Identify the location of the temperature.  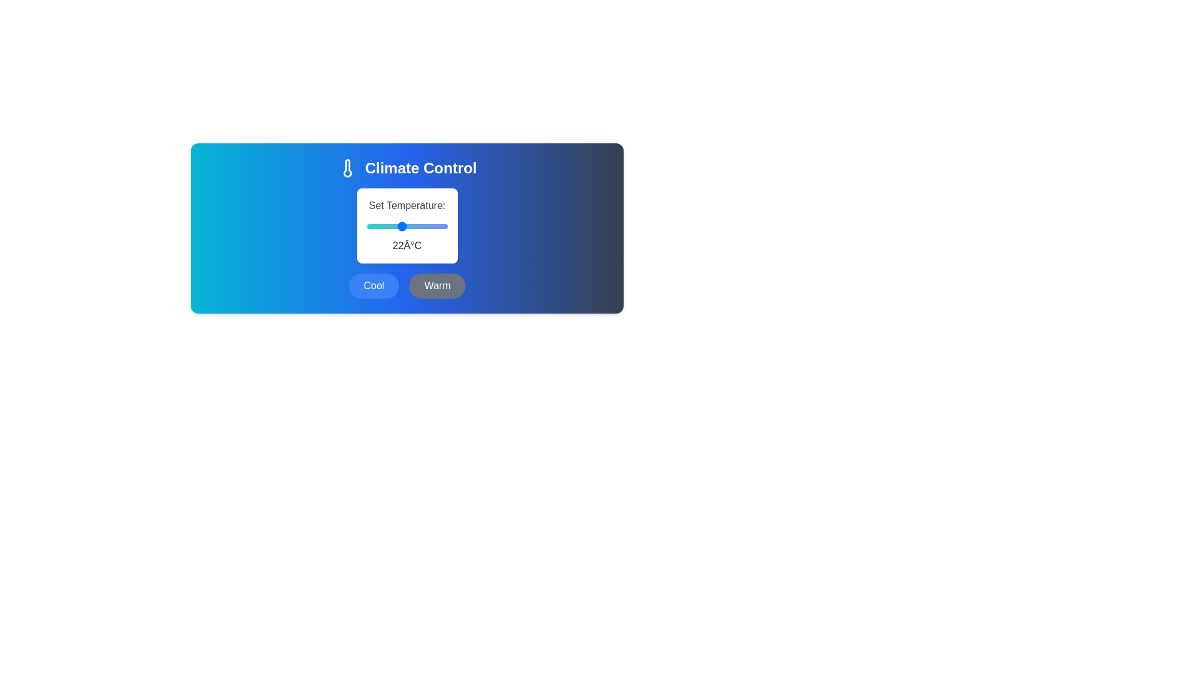
(442, 227).